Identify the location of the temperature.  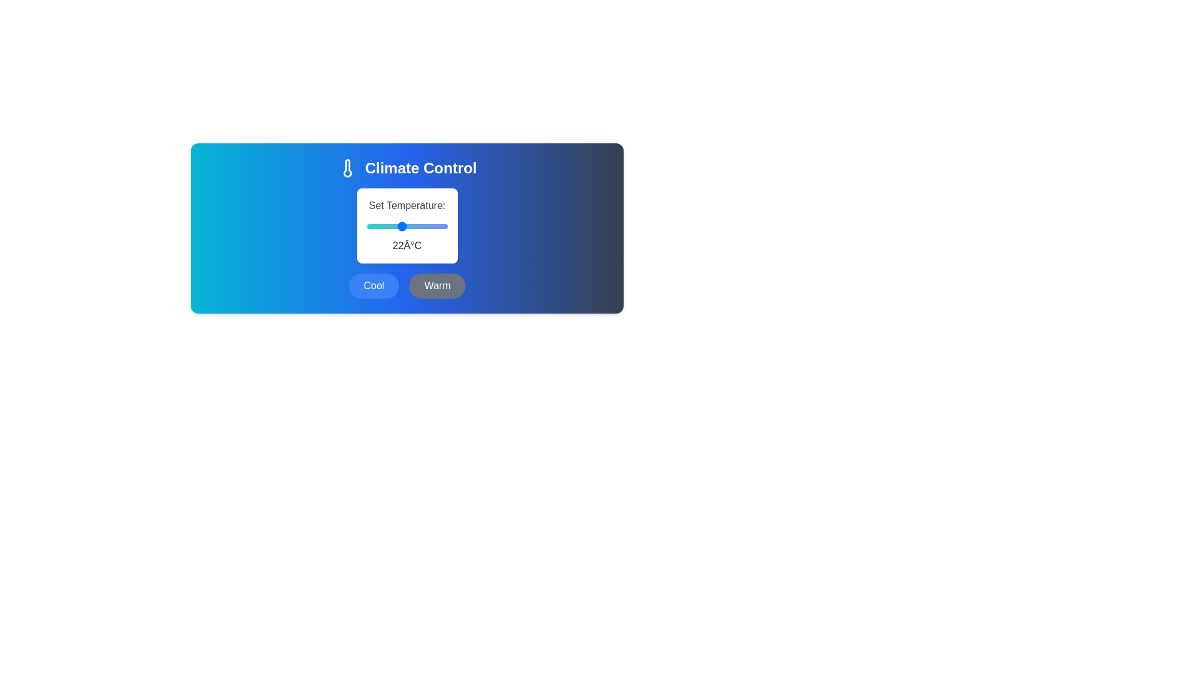
(442, 227).